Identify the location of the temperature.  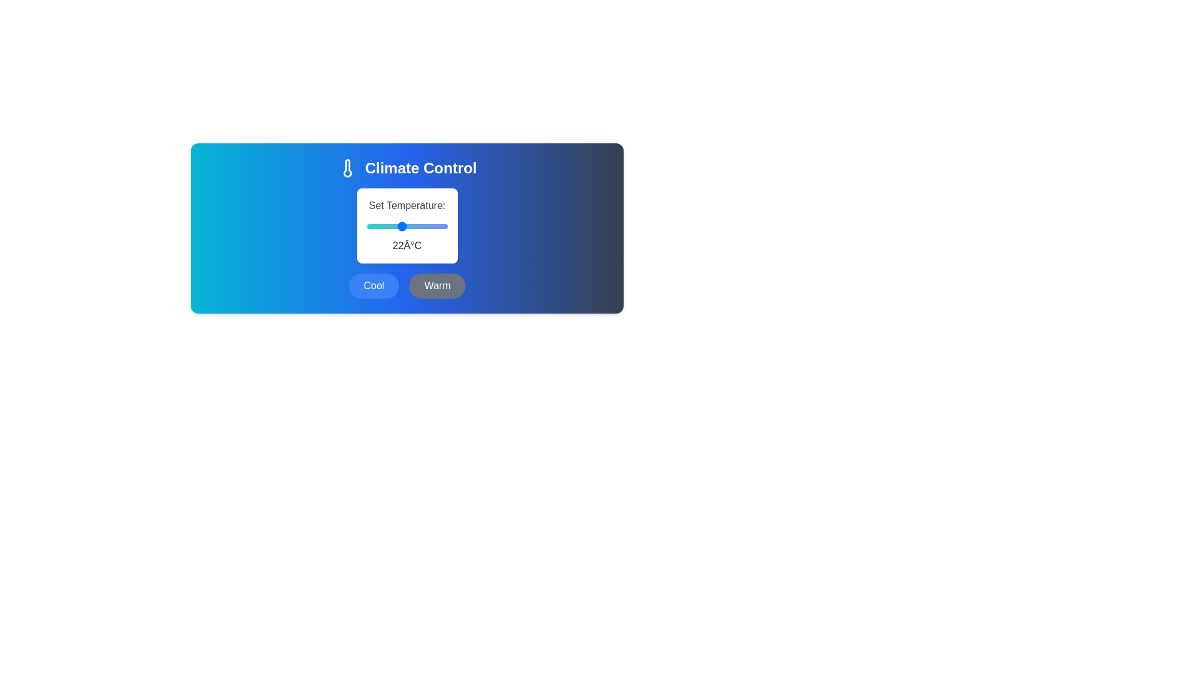
(442, 227).